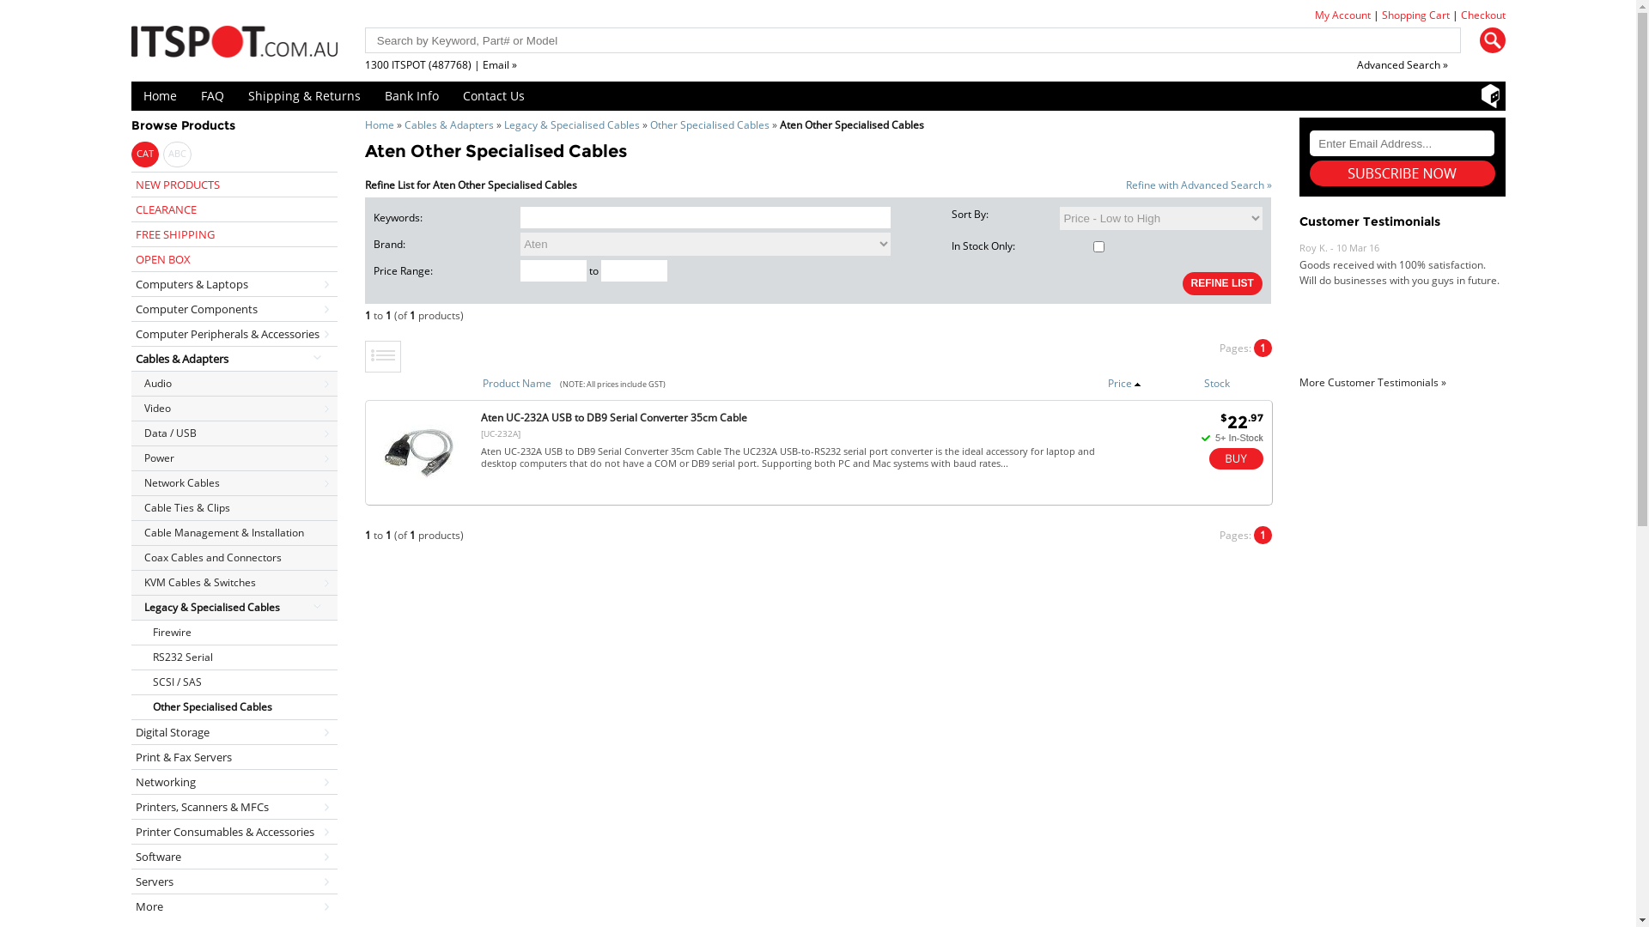 This screenshot has width=1649, height=927. What do you see at coordinates (233, 258) in the screenshot?
I see `'OPEN BOX'` at bounding box center [233, 258].